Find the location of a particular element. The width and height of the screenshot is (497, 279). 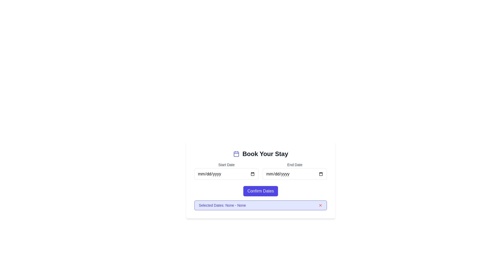

the SVG Rectangle that represents the body of the calendar icon, which is located above the 'Book Your Stay' heading and is centrally aligned within the interface is located at coordinates (236, 154).